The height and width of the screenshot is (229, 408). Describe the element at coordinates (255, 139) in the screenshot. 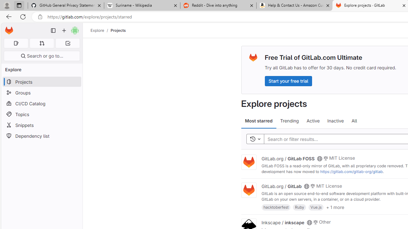

I see `'Toggle history'` at that location.